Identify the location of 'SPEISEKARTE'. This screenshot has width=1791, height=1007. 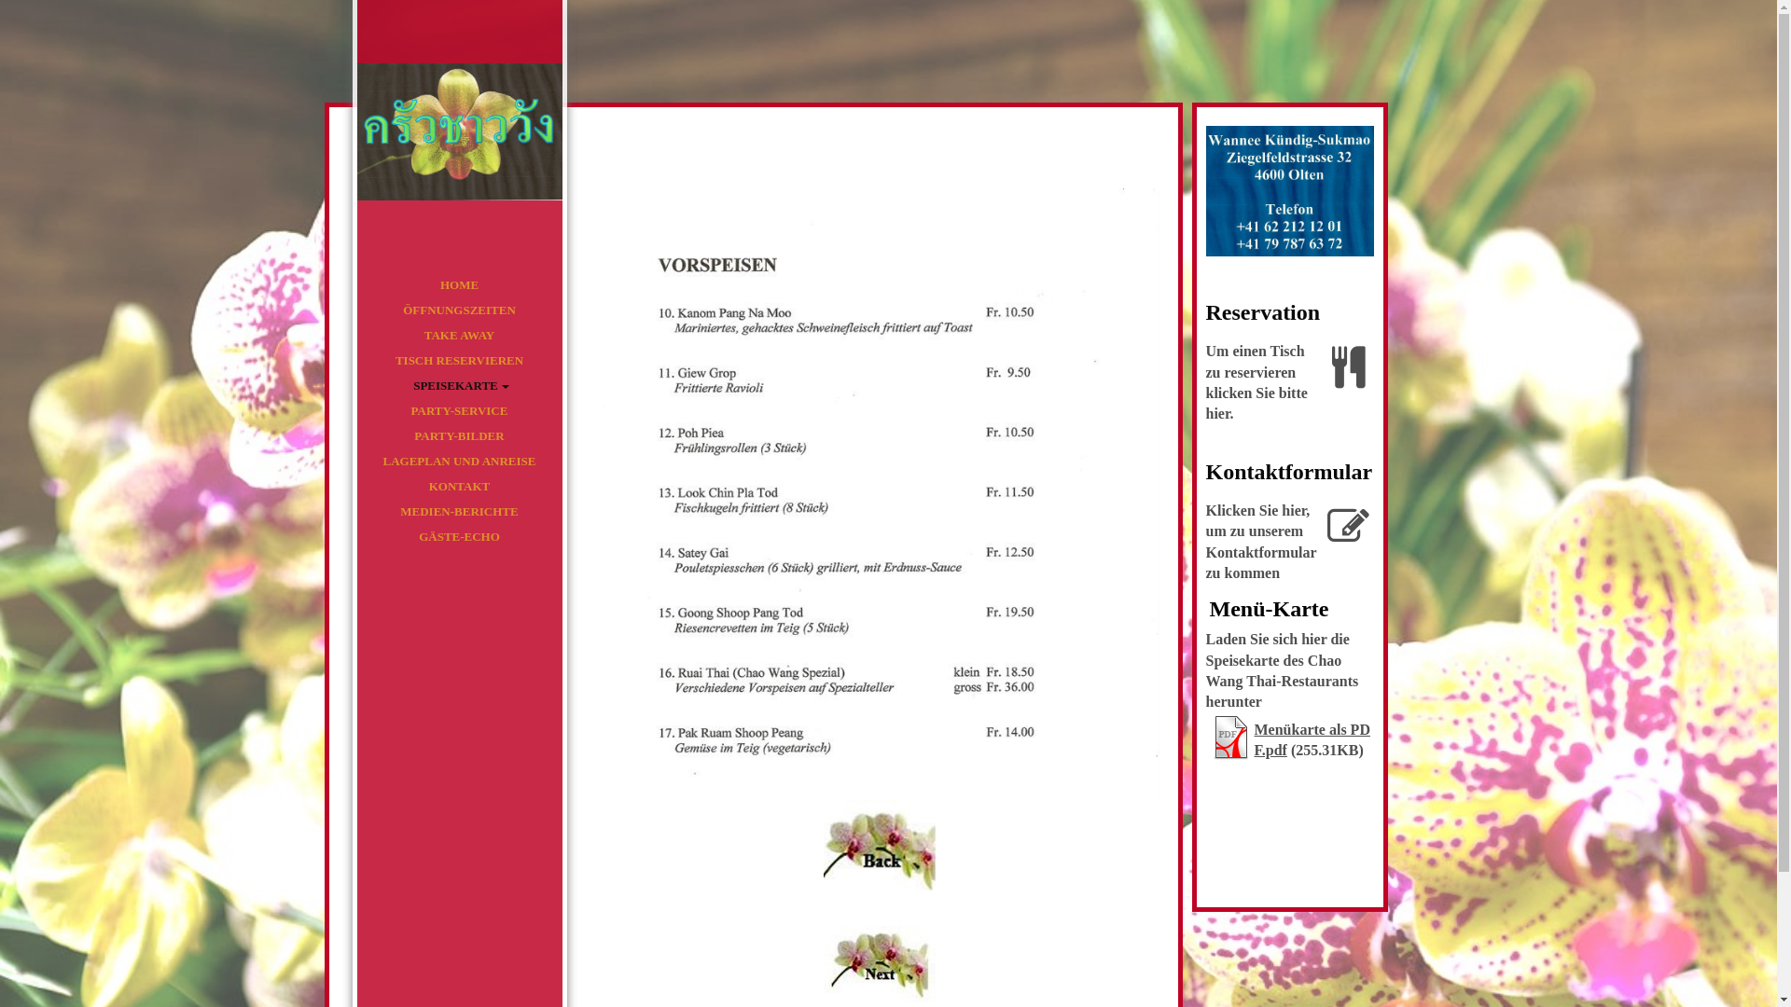
(458, 384).